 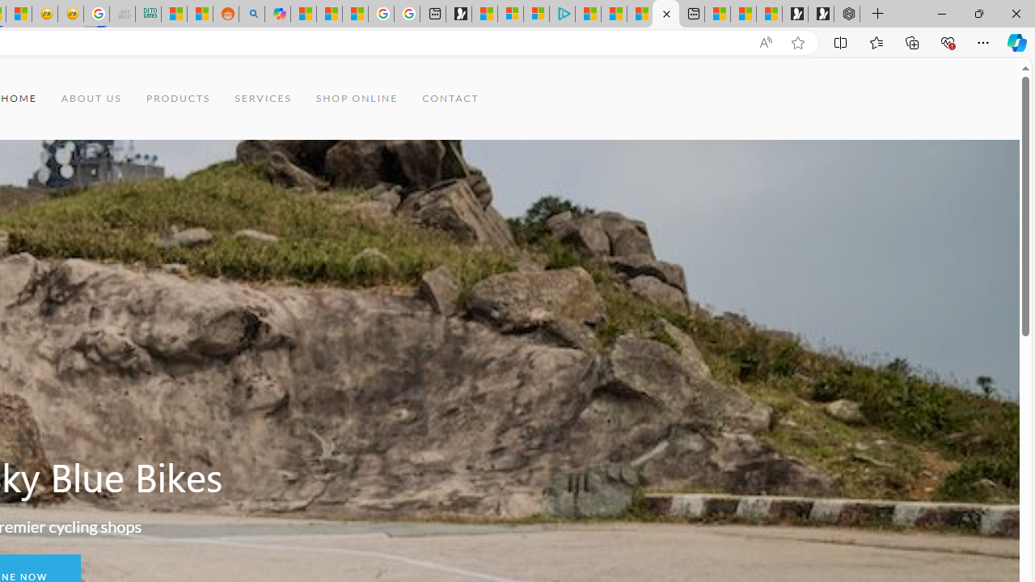 What do you see at coordinates (91, 99) in the screenshot?
I see `'ABOUT US'` at bounding box center [91, 99].